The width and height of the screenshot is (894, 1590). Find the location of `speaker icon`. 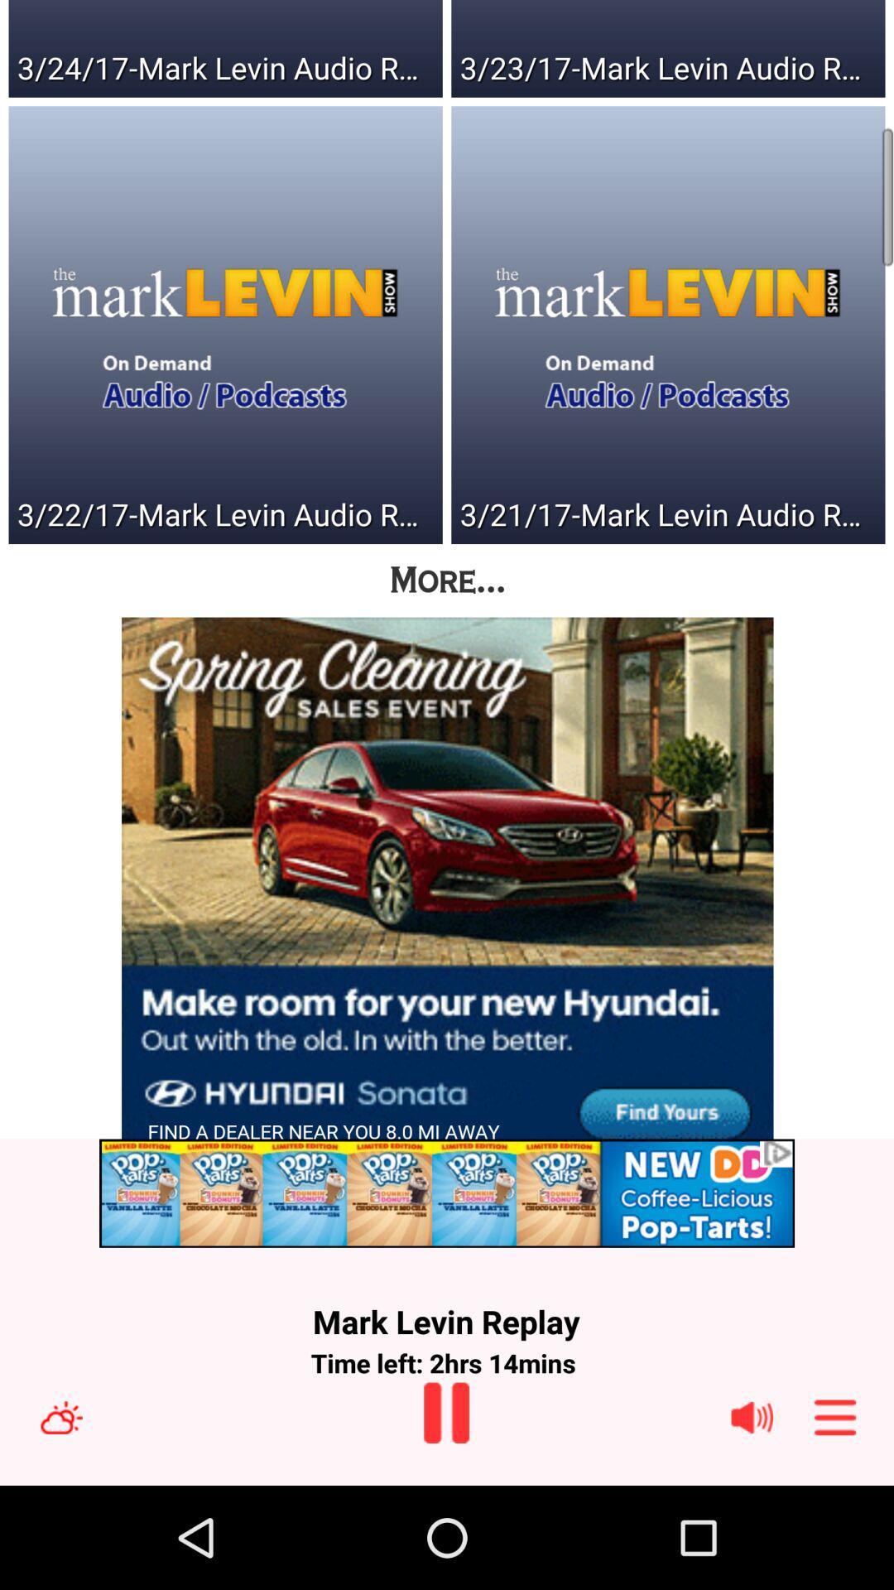

speaker icon is located at coordinates (752, 1416).